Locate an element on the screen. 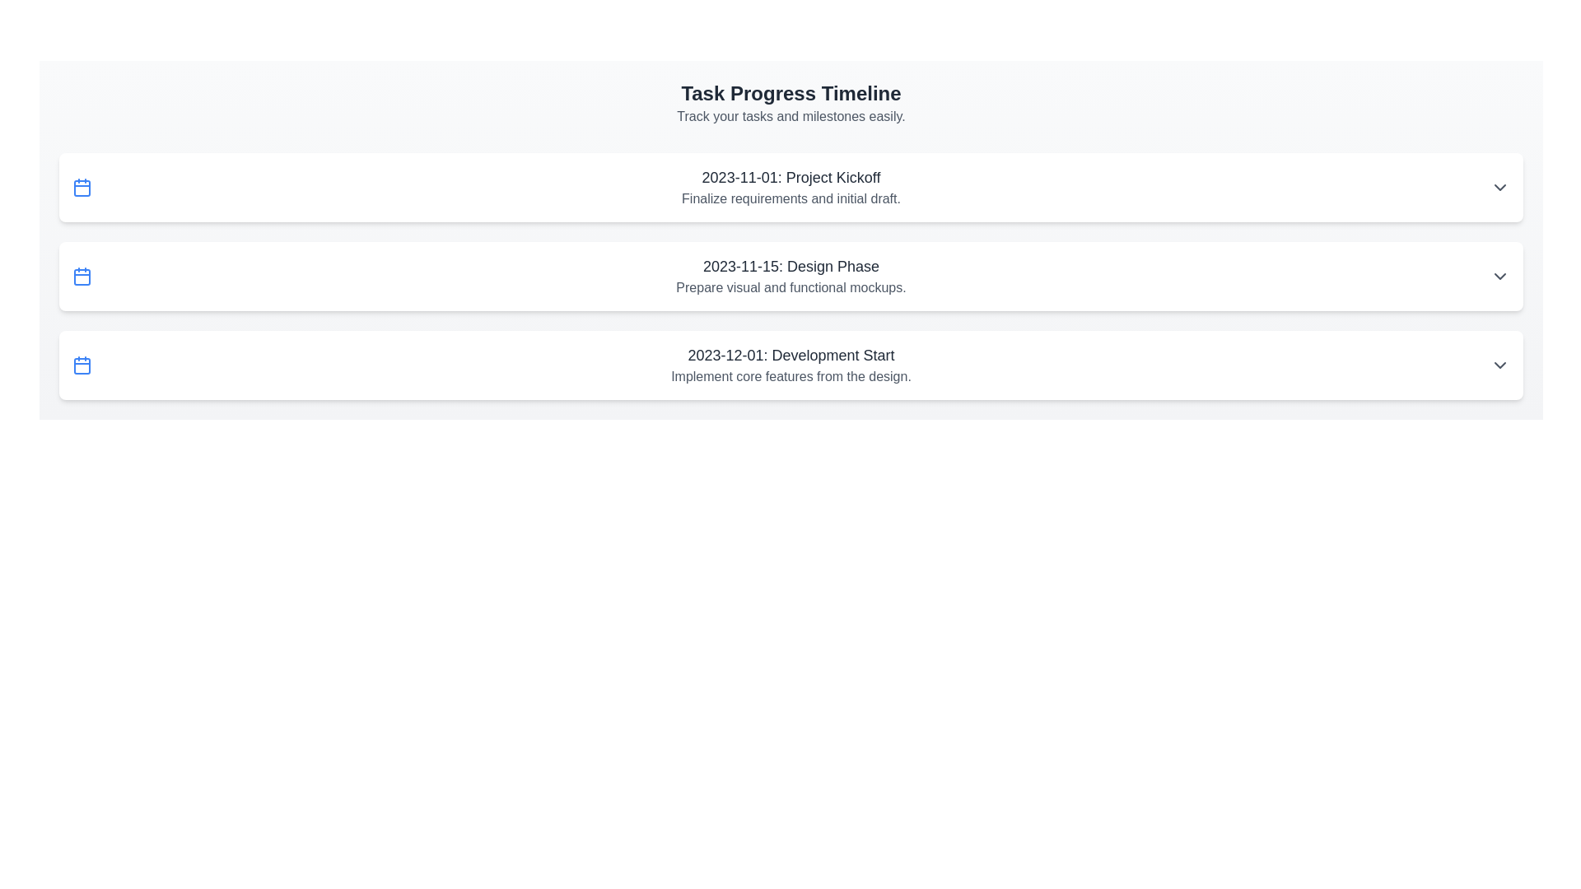  the textual label that contains the content 'Prepare visual and functional mockups.' which is styled in muted gray and positioned beneath the heading '2023-11-15: Design Phase.' is located at coordinates (790, 287).